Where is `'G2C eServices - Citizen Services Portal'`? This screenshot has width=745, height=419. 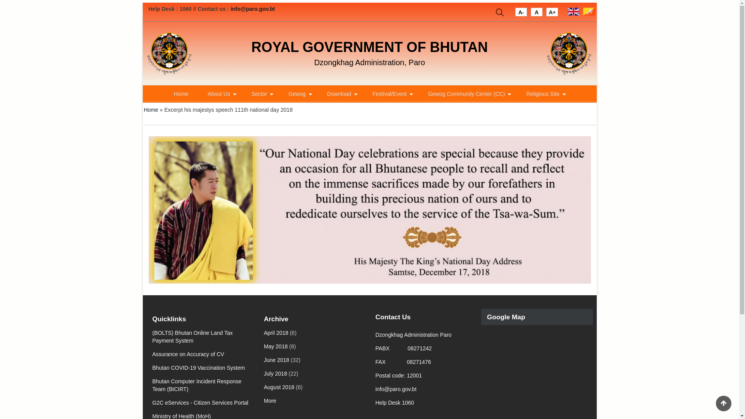 'G2C eServices - Citizen Services Portal' is located at coordinates (152, 402).